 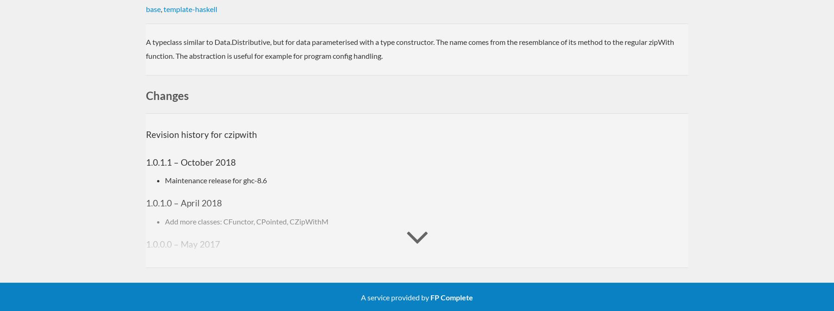 I want to click on 'A service provided by', so click(x=395, y=297).